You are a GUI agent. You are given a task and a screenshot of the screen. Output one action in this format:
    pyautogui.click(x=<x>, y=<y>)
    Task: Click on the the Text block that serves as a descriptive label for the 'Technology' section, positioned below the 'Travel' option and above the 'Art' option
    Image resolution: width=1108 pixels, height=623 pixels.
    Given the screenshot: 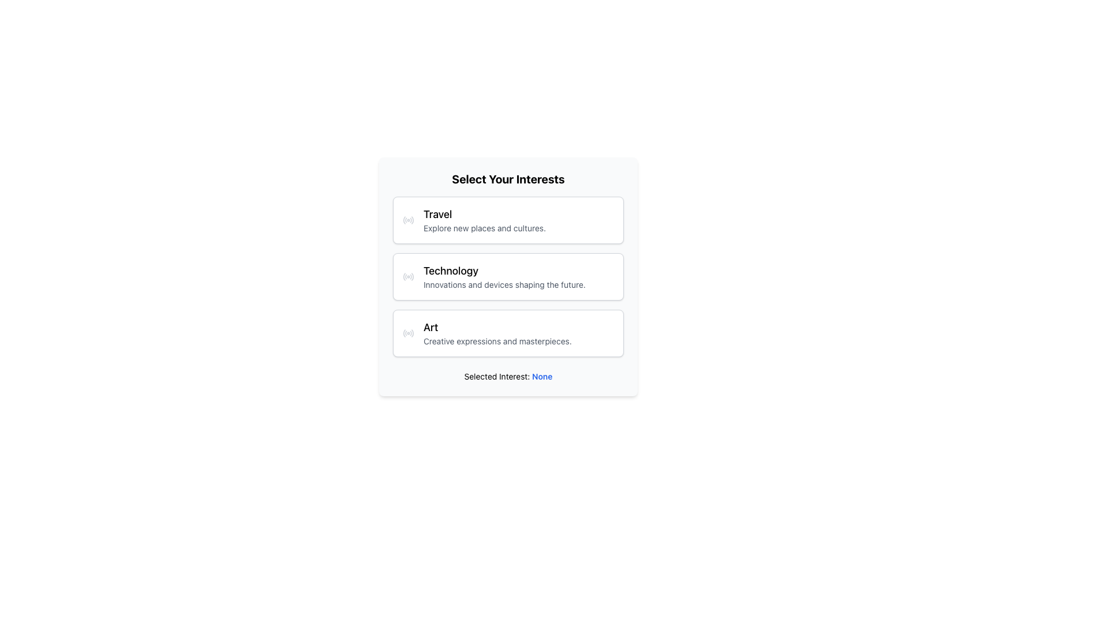 What is the action you would take?
    pyautogui.click(x=504, y=276)
    